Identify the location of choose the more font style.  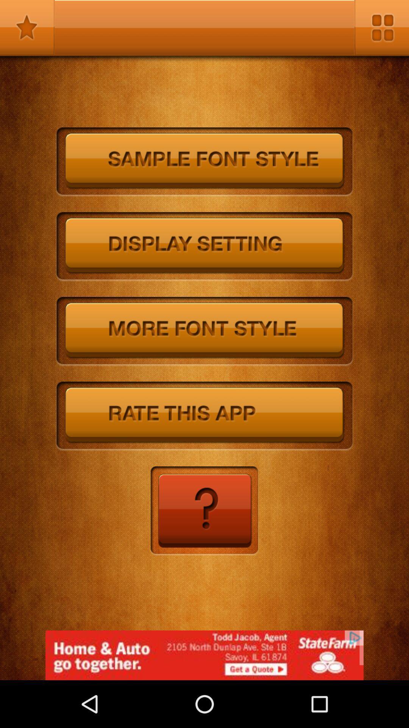
(204, 331).